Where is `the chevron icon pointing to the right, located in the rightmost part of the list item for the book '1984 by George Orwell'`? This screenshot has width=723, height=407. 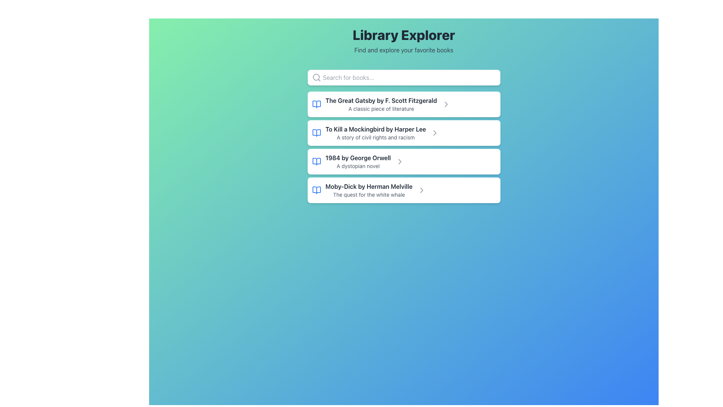 the chevron icon pointing to the right, located in the rightmost part of the list item for the book '1984 by George Orwell' is located at coordinates (399, 161).